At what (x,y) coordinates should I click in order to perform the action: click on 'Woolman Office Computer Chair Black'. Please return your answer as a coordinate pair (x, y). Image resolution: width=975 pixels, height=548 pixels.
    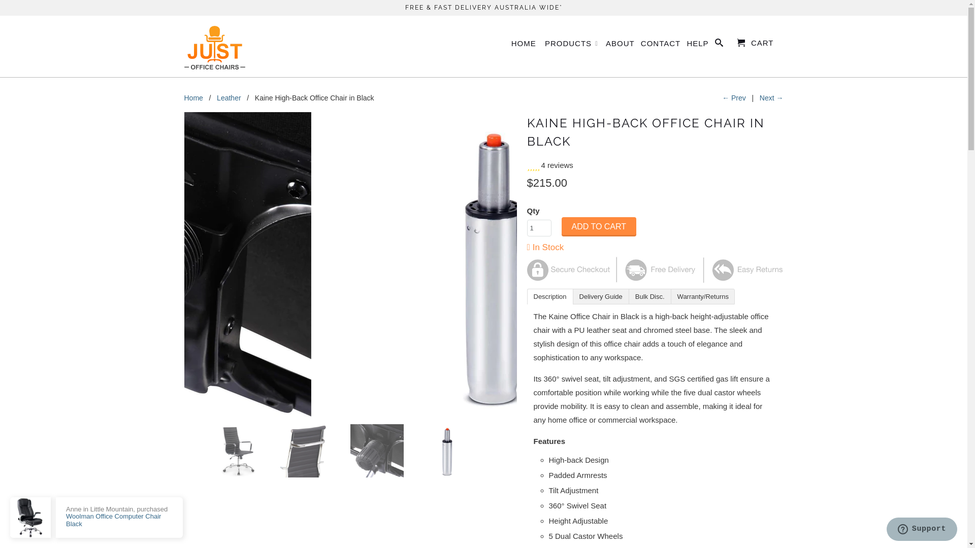
    Looking at the image, I should click on (113, 520).